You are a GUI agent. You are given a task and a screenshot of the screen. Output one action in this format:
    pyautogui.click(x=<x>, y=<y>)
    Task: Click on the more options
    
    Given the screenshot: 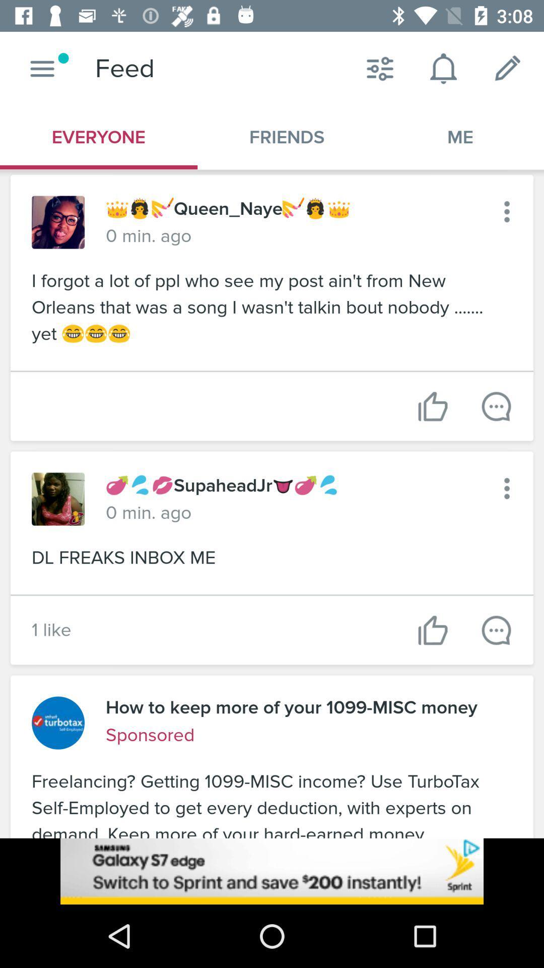 What is the action you would take?
    pyautogui.click(x=507, y=489)
    